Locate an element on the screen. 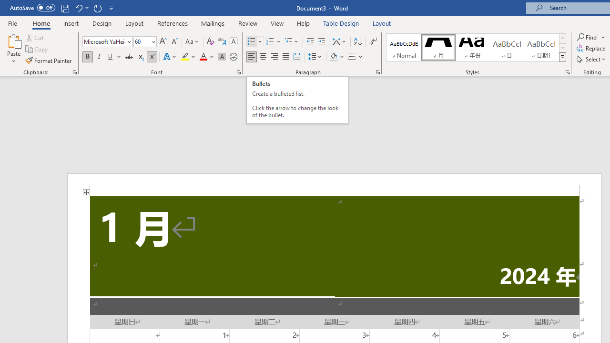 The width and height of the screenshot is (610, 343). 'Numbering' is located at coordinates (273, 41).